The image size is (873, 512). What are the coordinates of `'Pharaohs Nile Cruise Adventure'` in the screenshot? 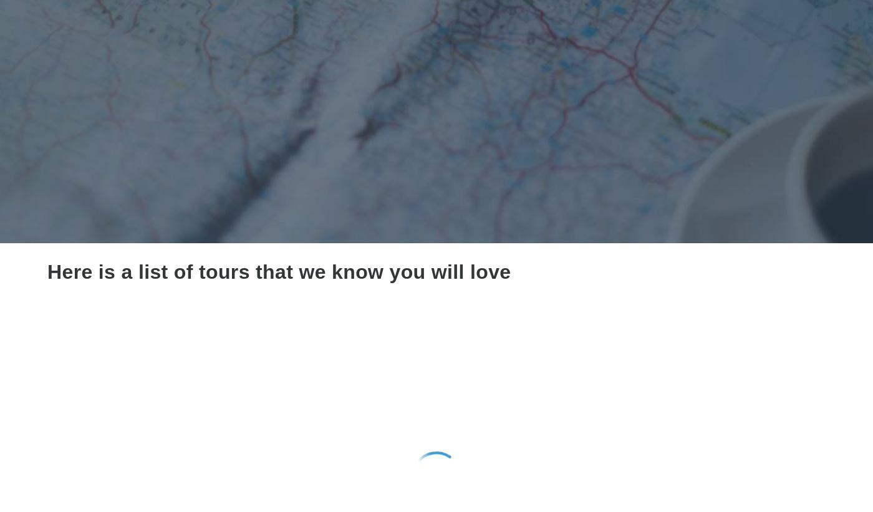 It's located at (642, 447).